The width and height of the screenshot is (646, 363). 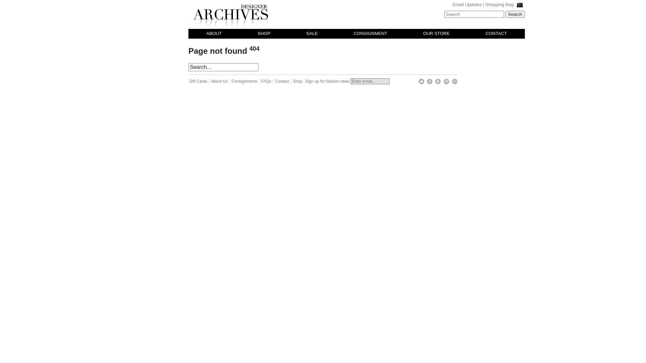 What do you see at coordinates (496, 34) in the screenshot?
I see `'CONTACT'` at bounding box center [496, 34].